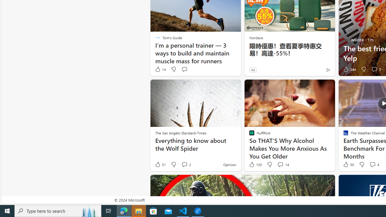 The height and width of the screenshot is (217, 386). I want to click on '244 Like', so click(349, 69).